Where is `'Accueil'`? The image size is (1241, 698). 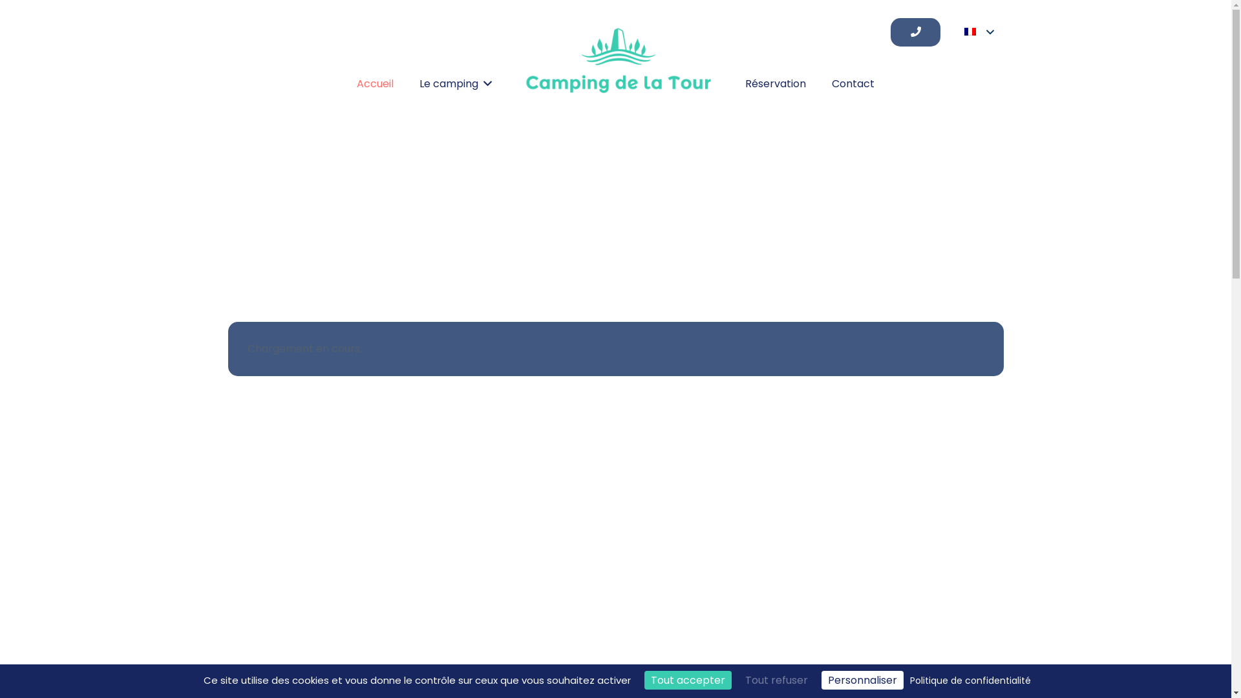
'Accueil' is located at coordinates (374, 84).